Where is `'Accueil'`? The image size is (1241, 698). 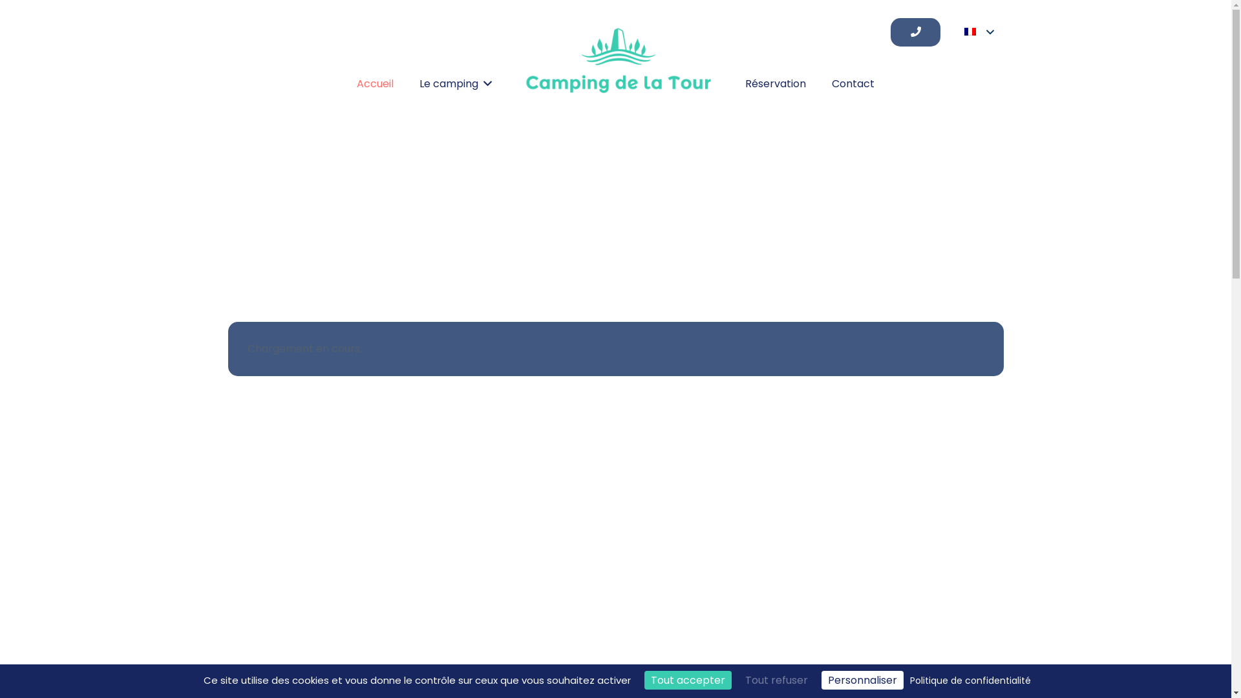
'Accueil' is located at coordinates (374, 84).